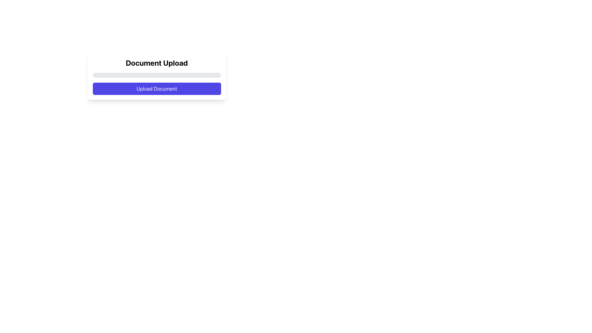 Image resolution: width=592 pixels, height=333 pixels. What do you see at coordinates (157, 75) in the screenshot?
I see `the progress bar located beneath the 'Document Upload' text and above the 'Upload Document' button within the card layout` at bounding box center [157, 75].